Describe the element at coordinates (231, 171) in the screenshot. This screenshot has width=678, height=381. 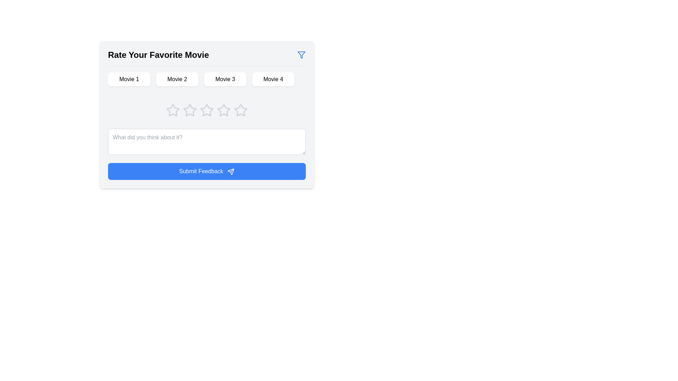
I see `the triangular icon resembling a paper airplane located within the 'Submit Feedback' button` at that location.